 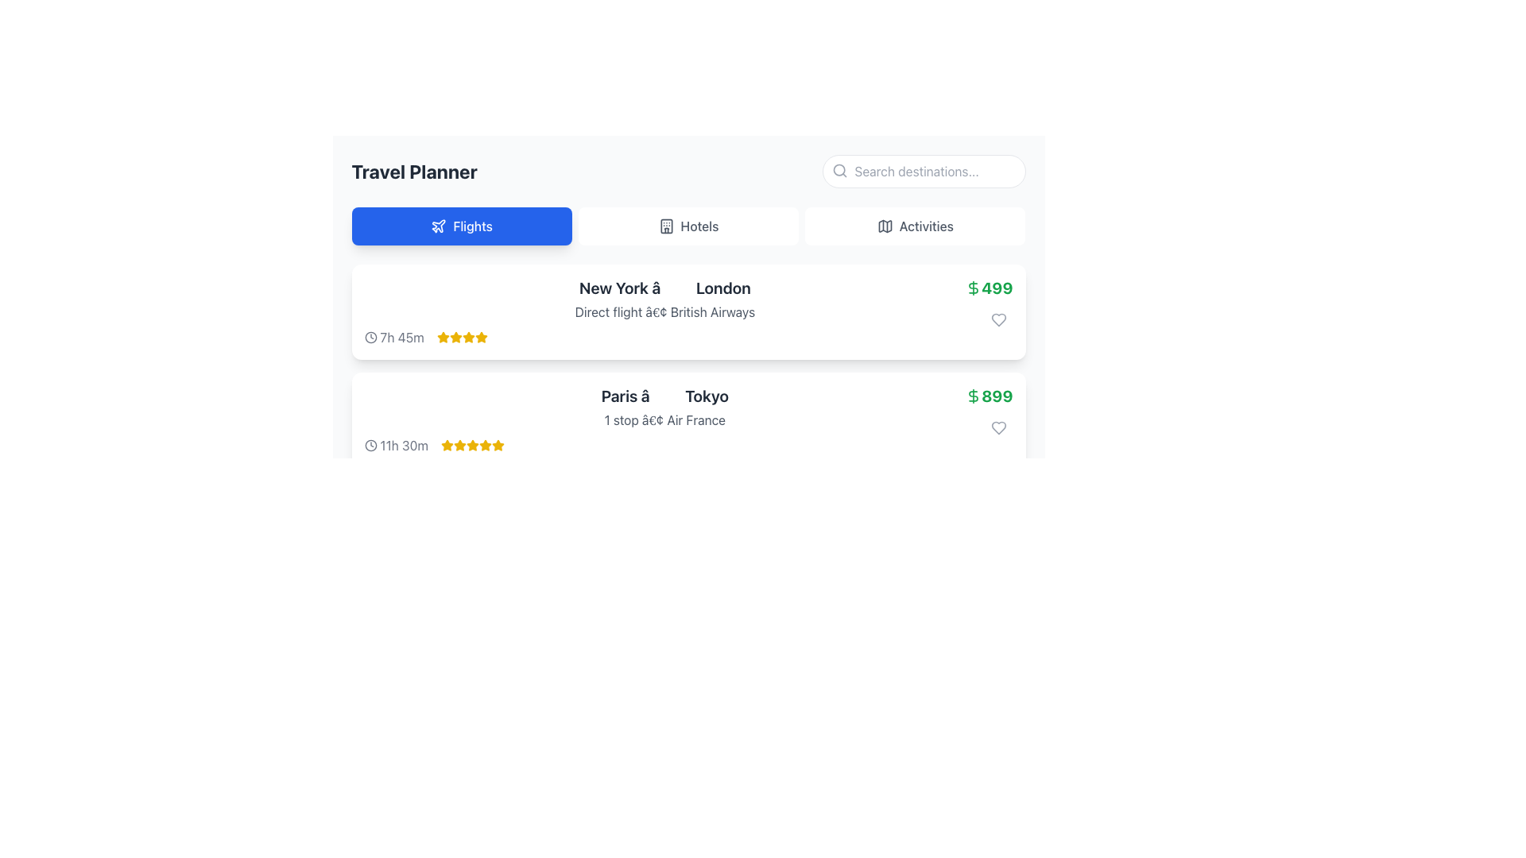 What do you see at coordinates (455, 336) in the screenshot?
I see `the appearance of the first star in the row of rating stars for the first flight deal, located under the duration label '7h 45m'` at bounding box center [455, 336].